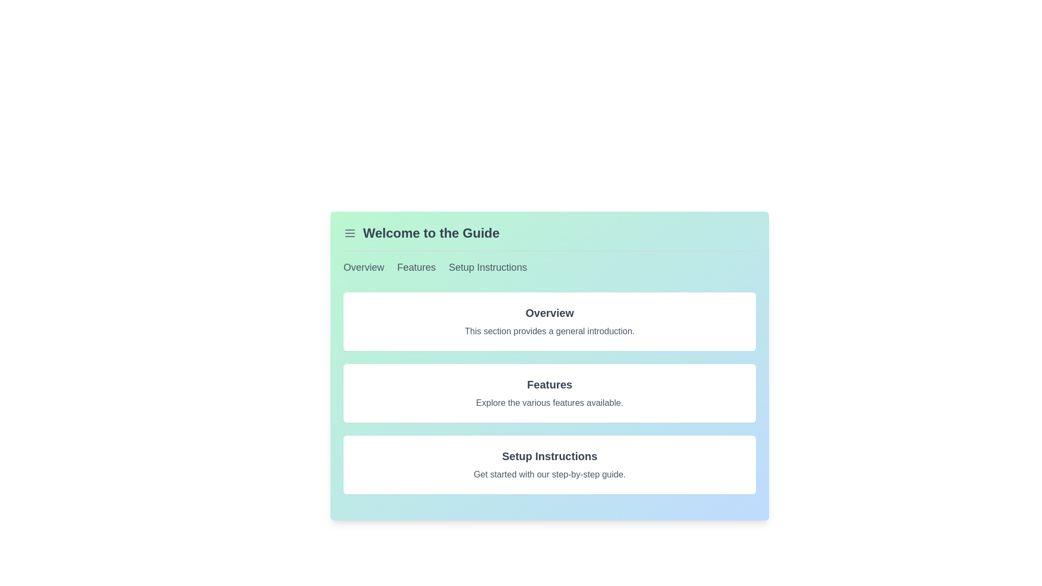 The width and height of the screenshot is (1042, 586). Describe the element at coordinates (487, 267) in the screenshot. I see `the 'Setup Instructions' hyperlink in the top-level navigation bar` at that location.